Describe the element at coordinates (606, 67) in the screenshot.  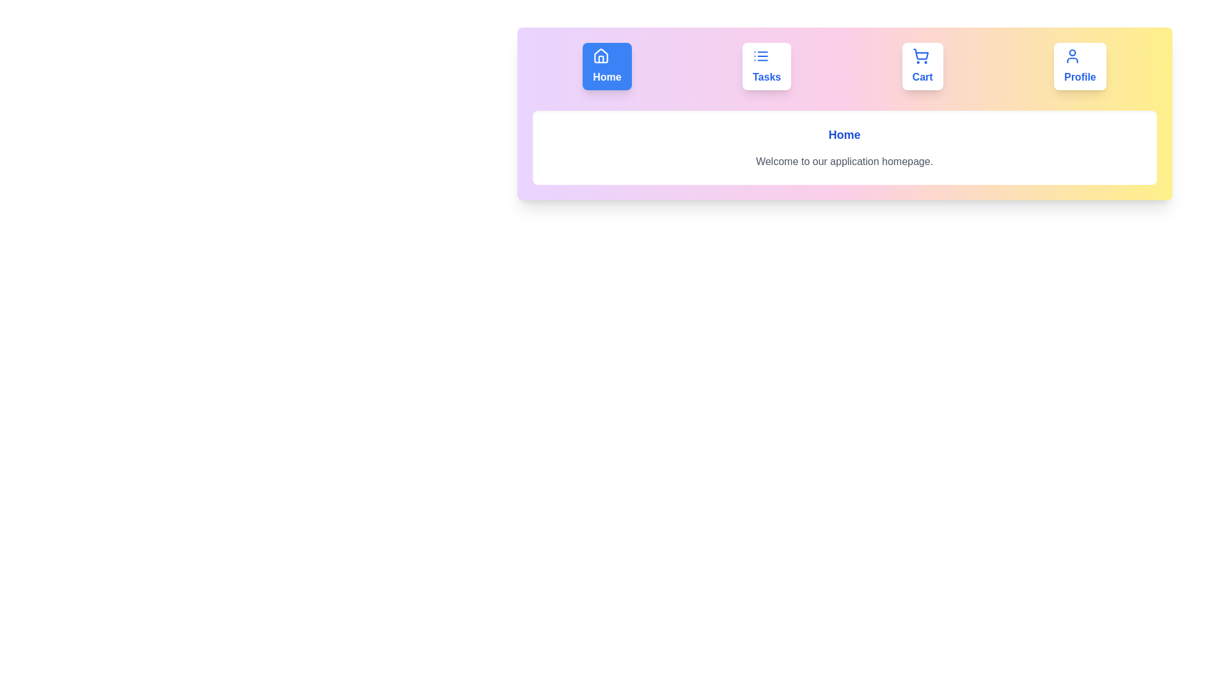
I see `the button labeled Home to observe its animation` at that location.